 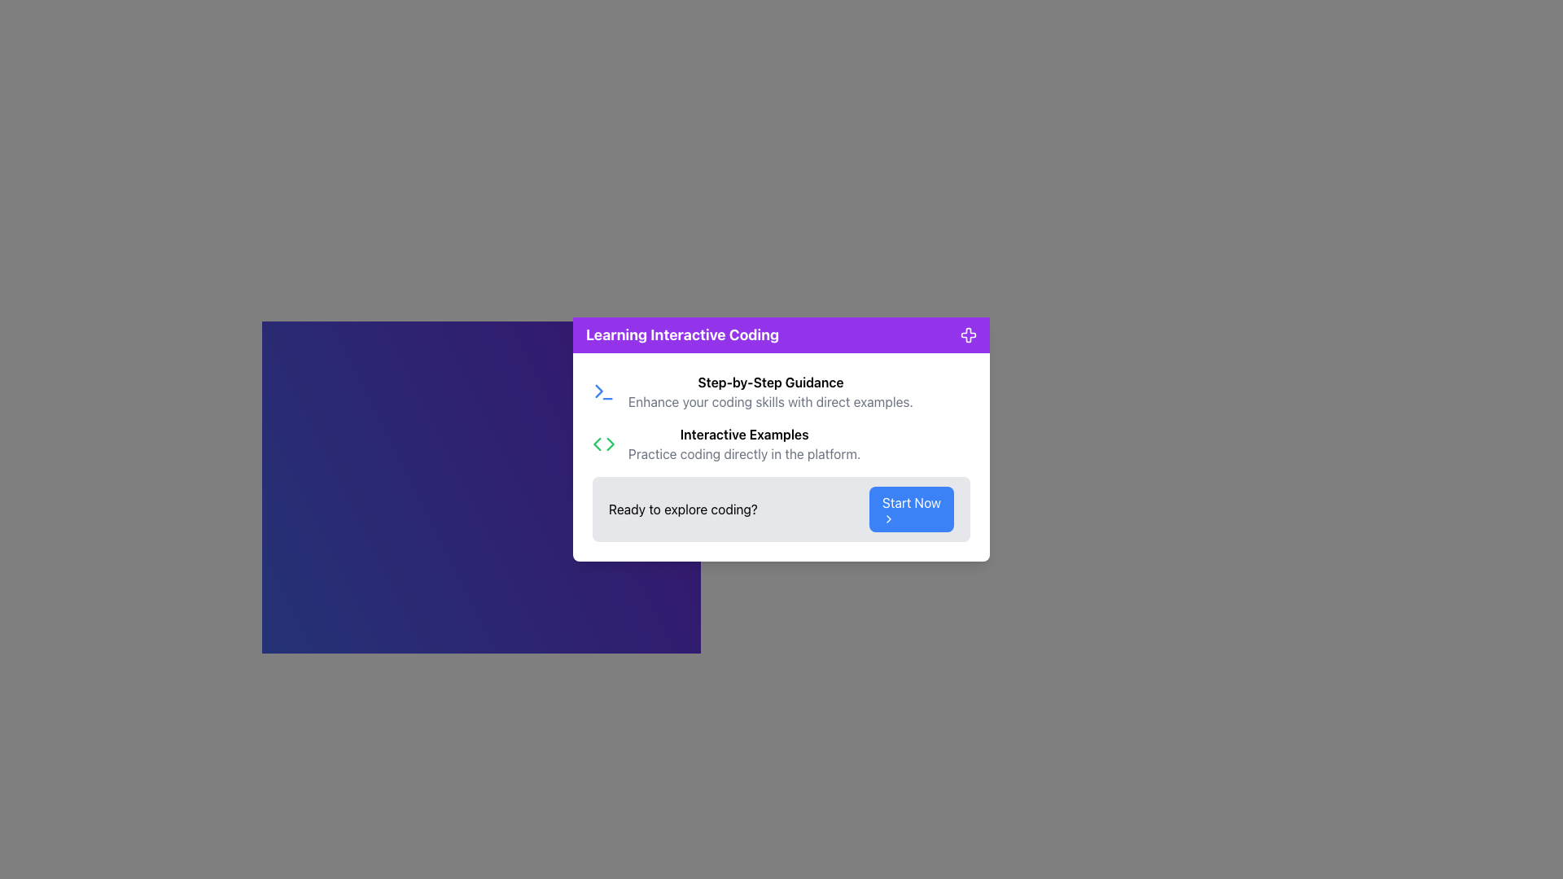 I want to click on the text block providing guidance for enhancing coding skills, which is the first informational section under the 'Learning Interactive Coding' heading, so click(x=781, y=392).